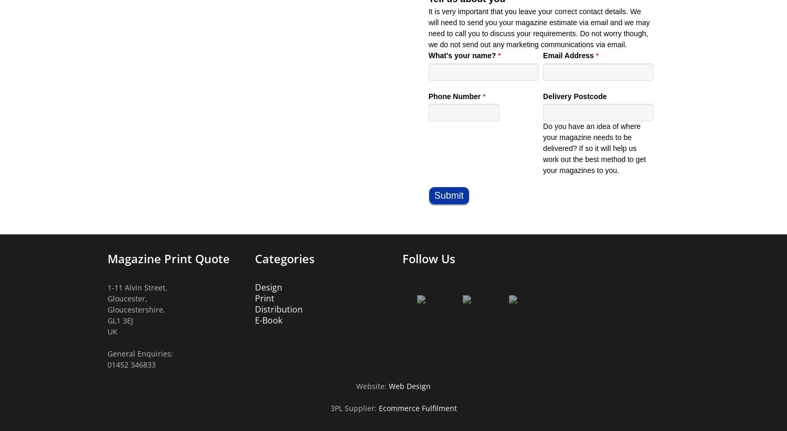 The image size is (787, 431). I want to click on 'Magazine Print Quote', so click(107, 258).